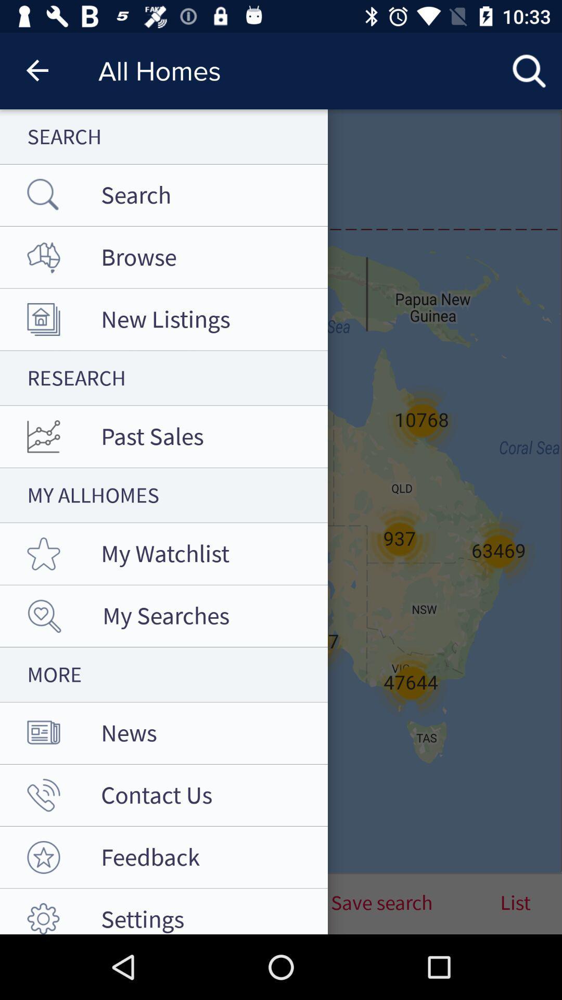 The height and width of the screenshot is (1000, 562). I want to click on the call icon, so click(35, 793).